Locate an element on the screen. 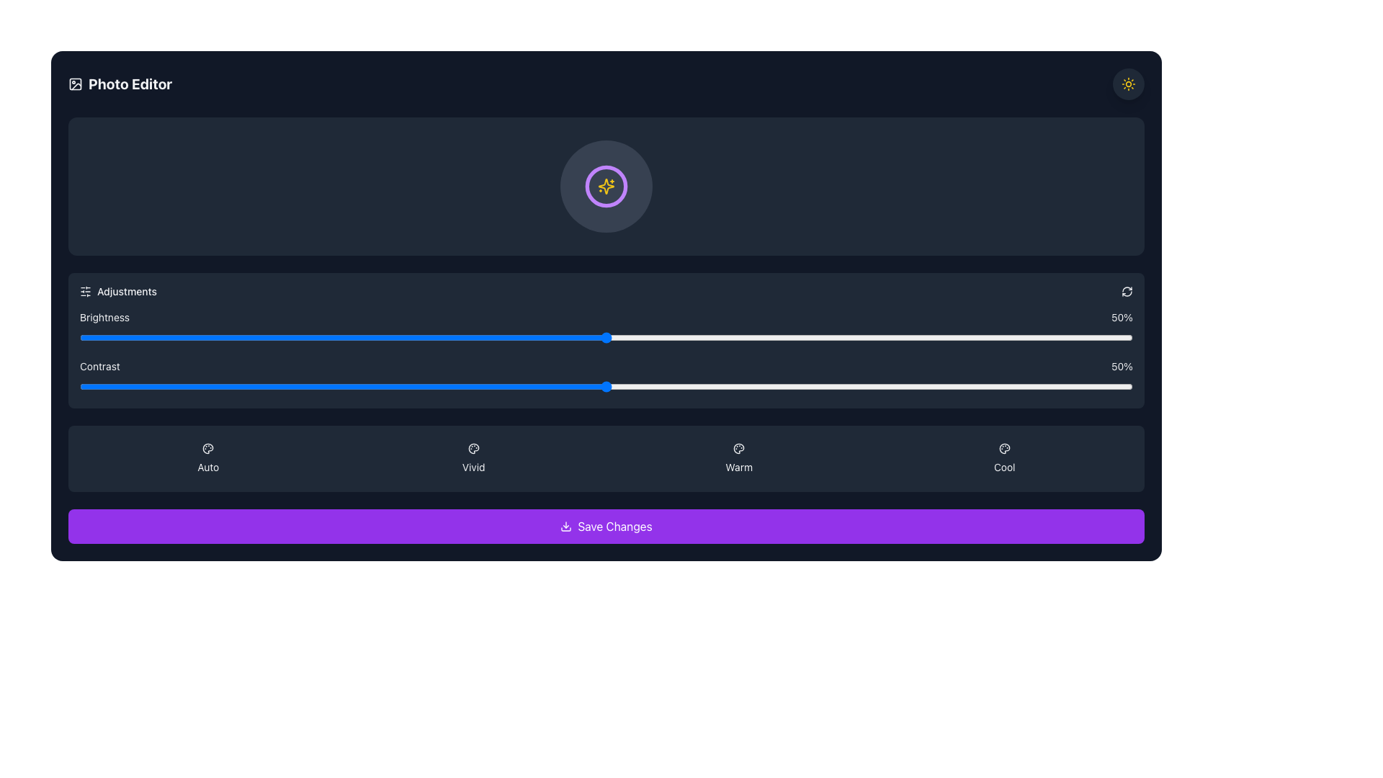  the 'Cool' button, which is the last button in a row of four, featuring a palette icon and the label 'Cool' is located at coordinates (1003, 458).